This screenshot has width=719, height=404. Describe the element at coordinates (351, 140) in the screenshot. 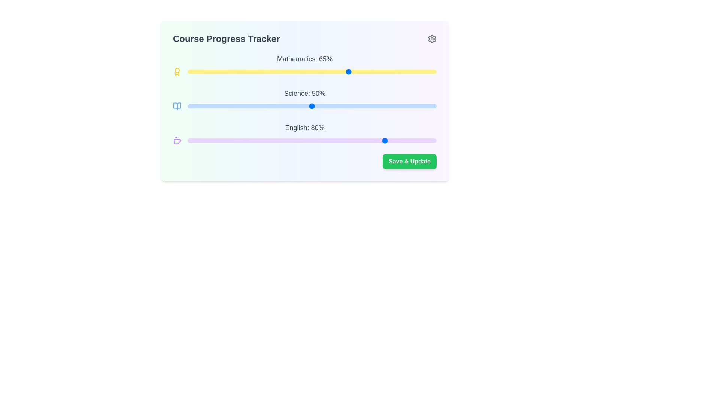

I see `the English progress` at that location.